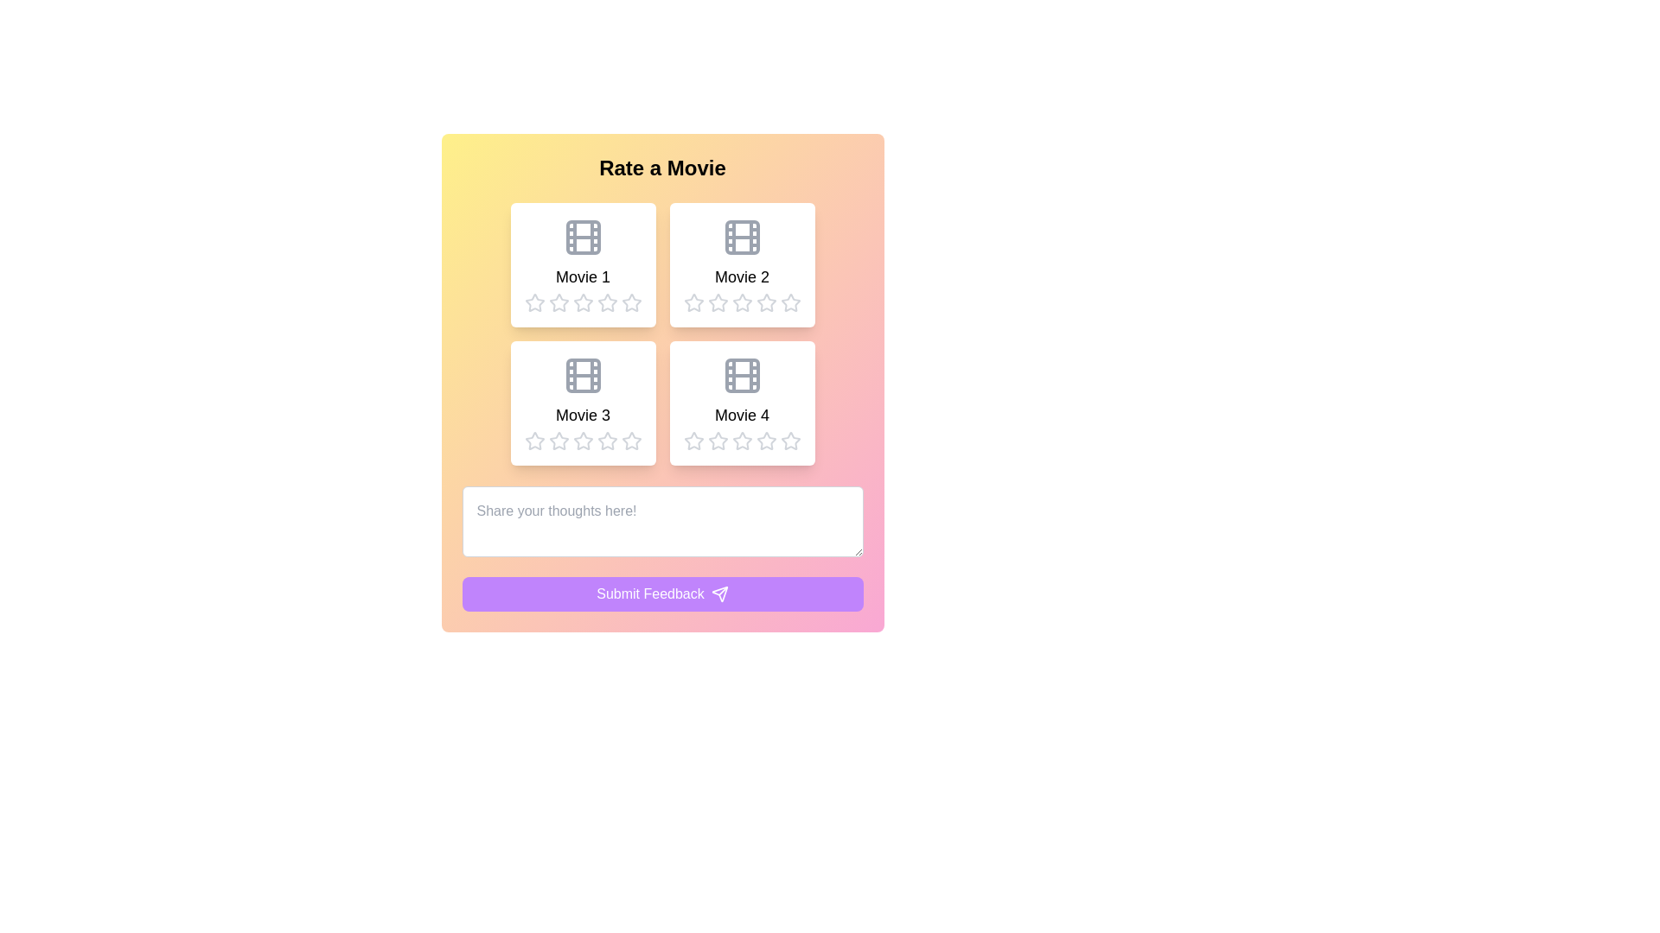 The width and height of the screenshot is (1660, 933). Describe the element at coordinates (693, 302) in the screenshot. I see `the first star icon in the second row of the rating section for 'Movie 2'` at that location.